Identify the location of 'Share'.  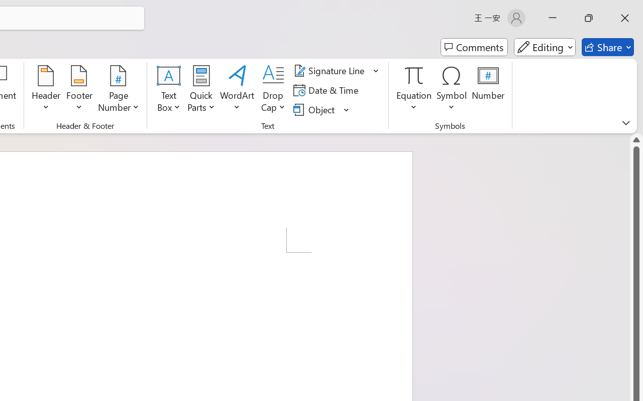
(607, 47).